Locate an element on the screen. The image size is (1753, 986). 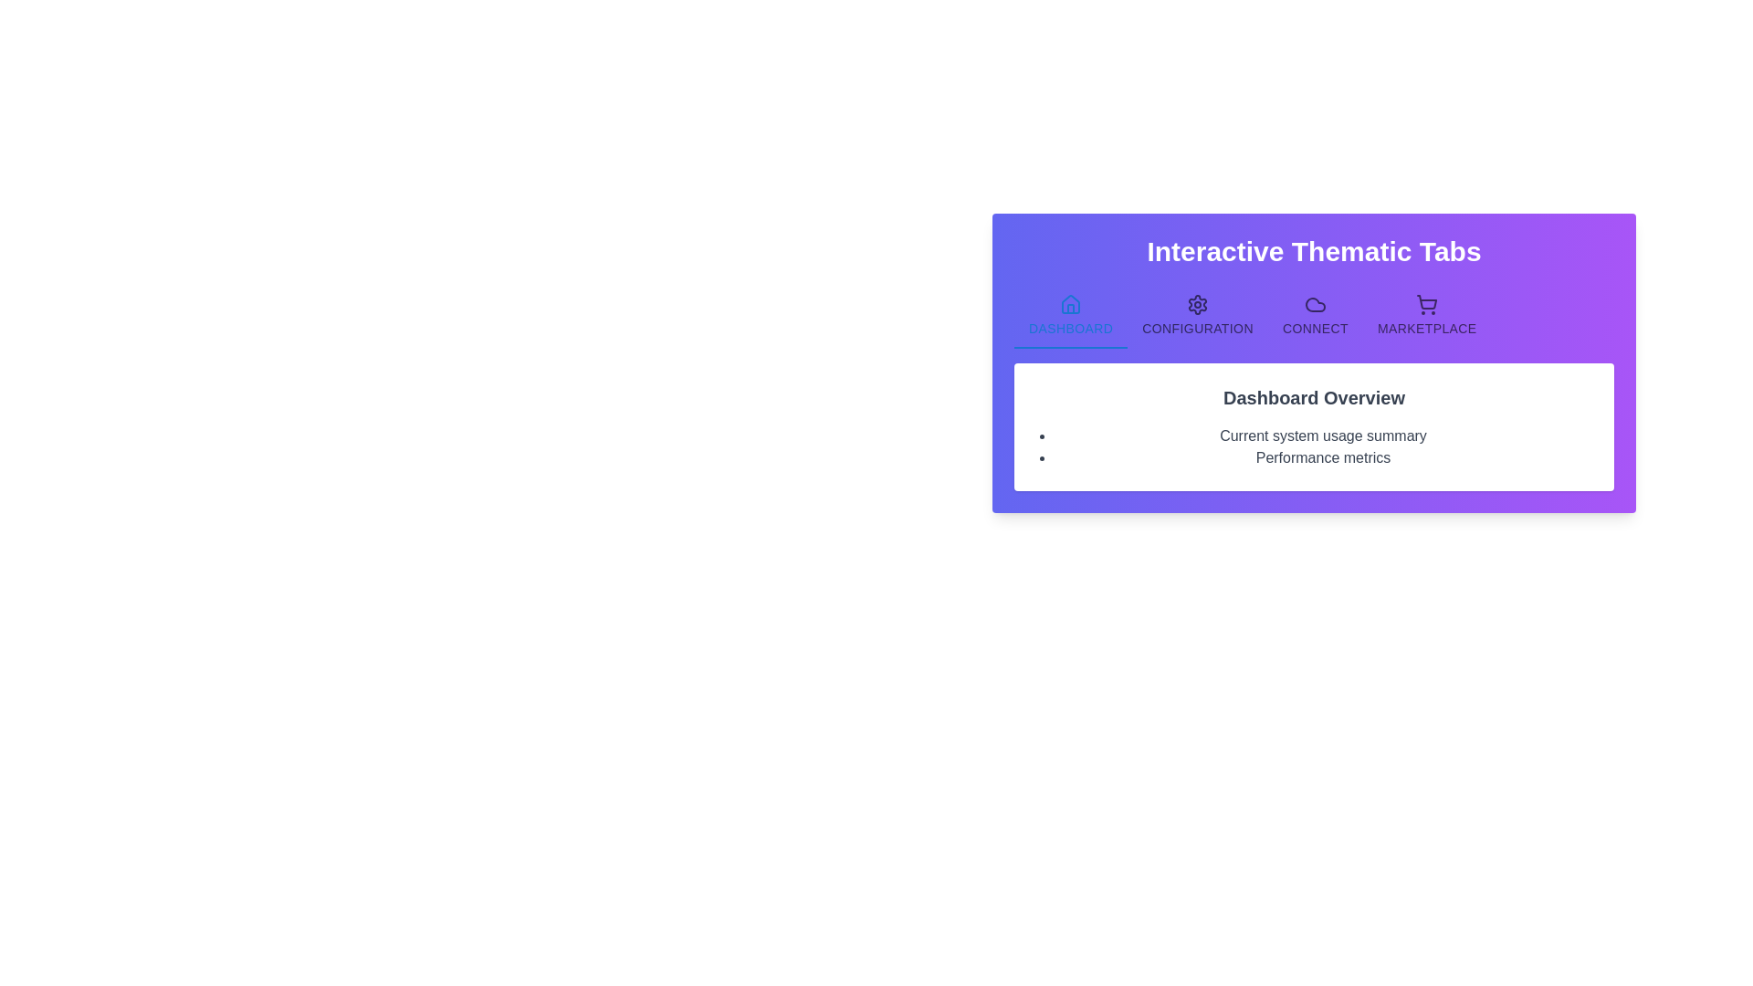
the 'Connect' tab, which is the third tab from the left in a row of four tabs is located at coordinates (1313, 315).